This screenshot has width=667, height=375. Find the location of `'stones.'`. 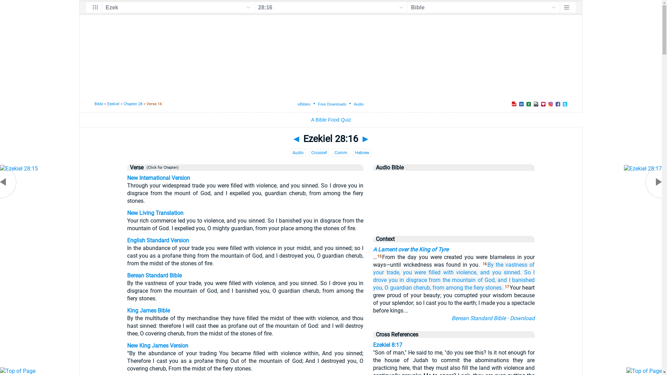

'stones.' is located at coordinates (485, 287).